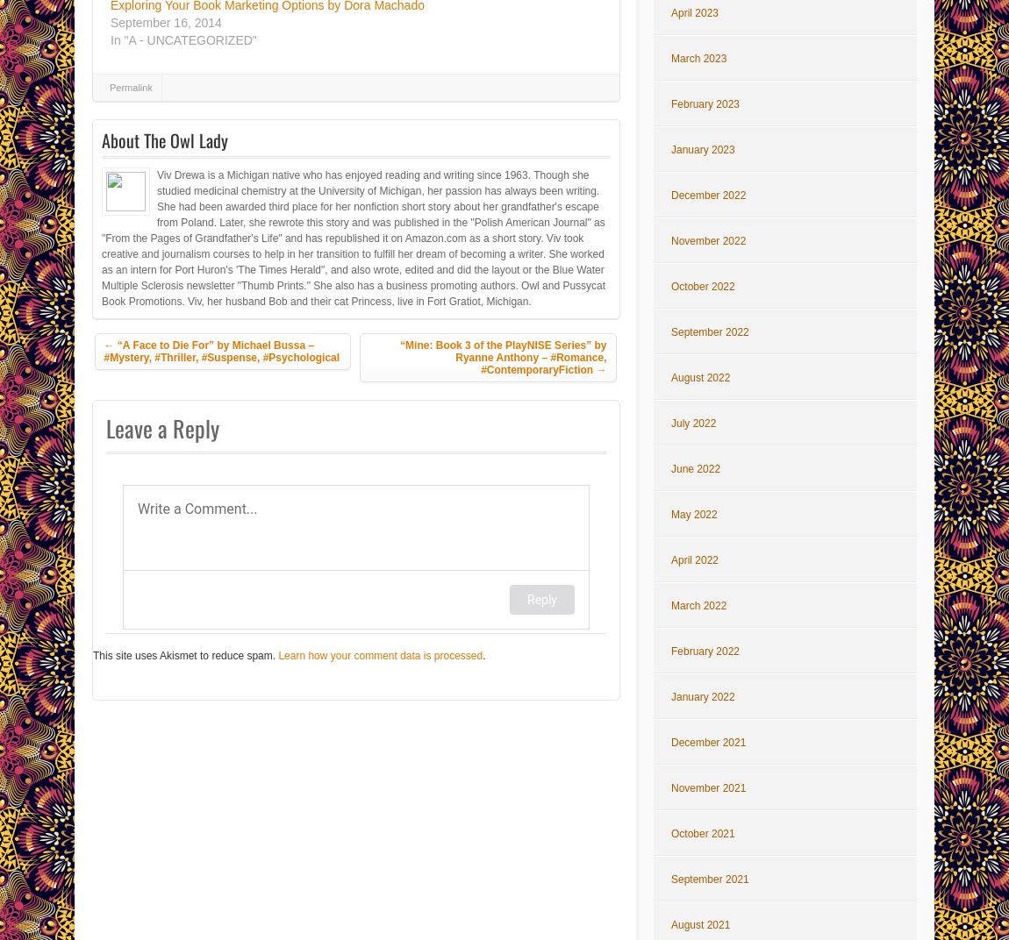  I want to click on 'October 2021', so click(701, 832).